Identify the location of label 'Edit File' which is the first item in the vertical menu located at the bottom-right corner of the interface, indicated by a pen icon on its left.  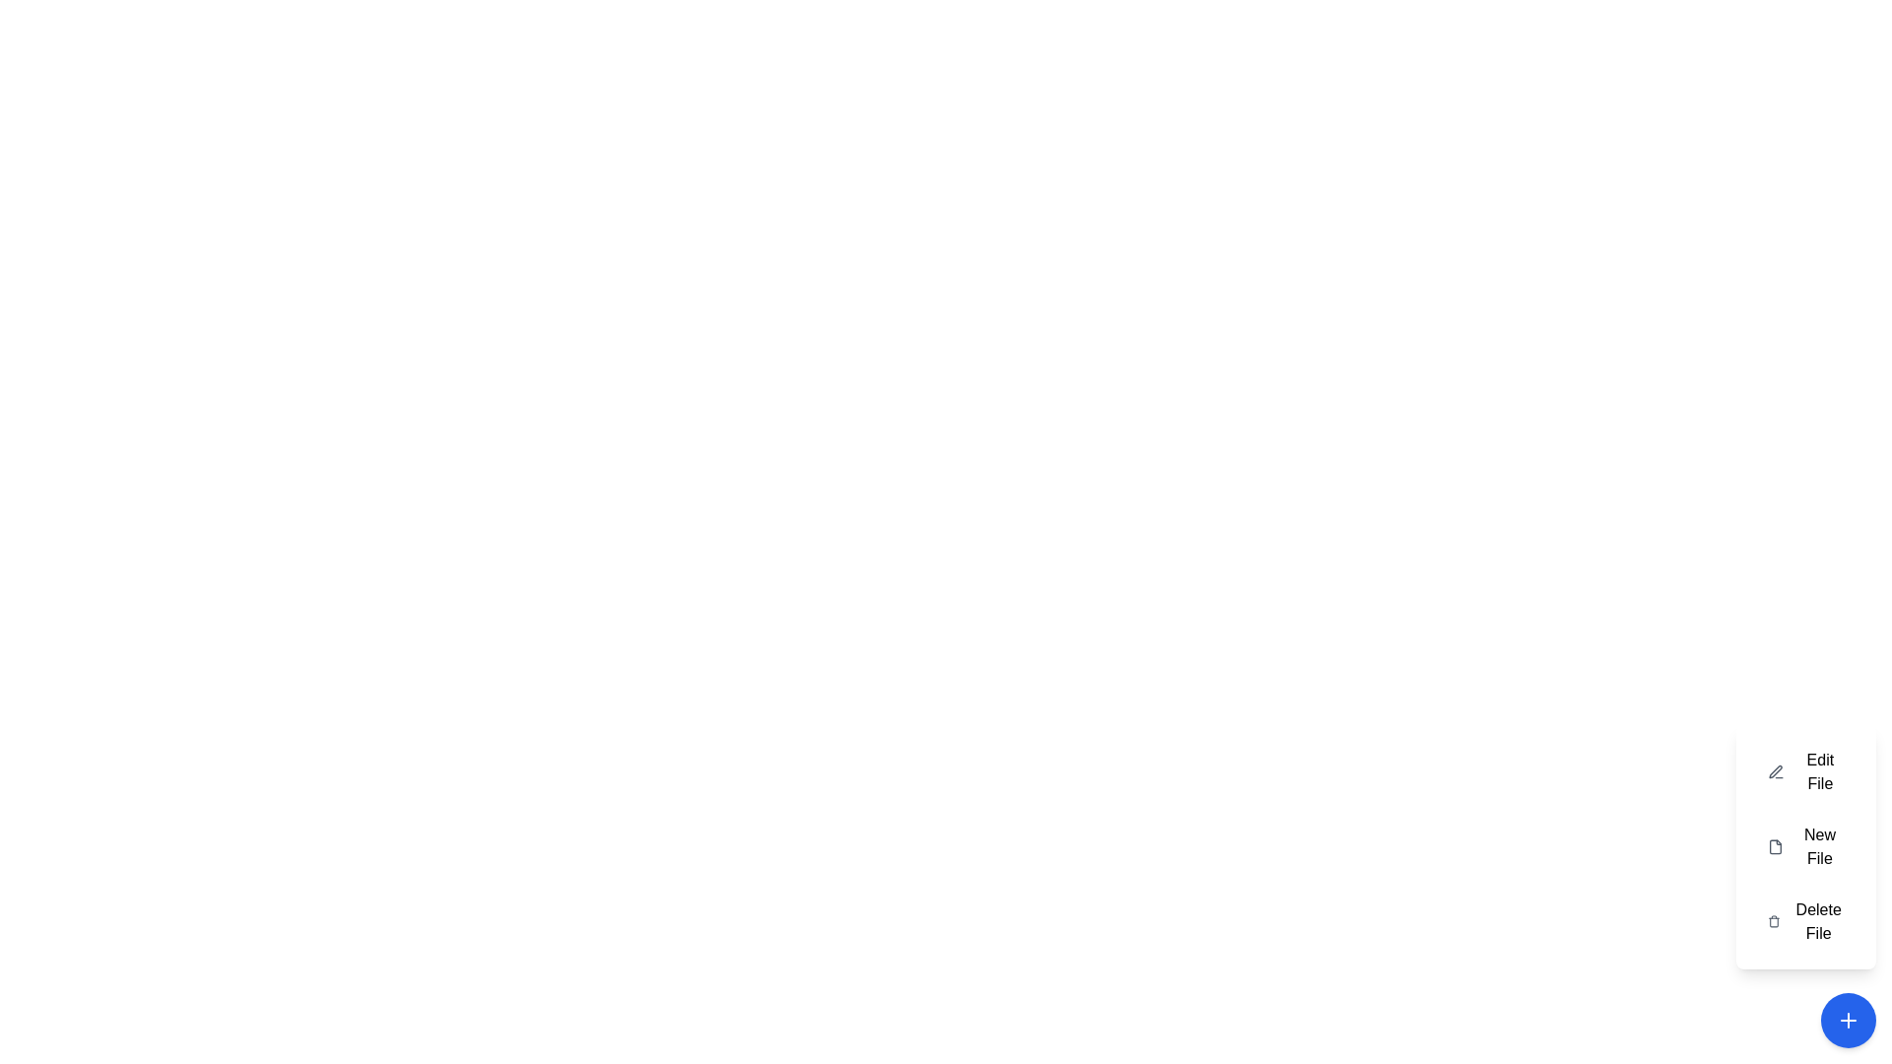
(1819, 770).